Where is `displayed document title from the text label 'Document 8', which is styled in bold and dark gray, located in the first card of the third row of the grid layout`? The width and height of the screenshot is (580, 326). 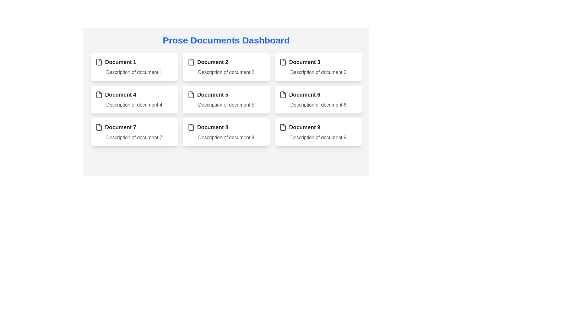
displayed document title from the text label 'Document 8', which is styled in bold and dark gray, located in the first card of the third row of the grid layout is located at coordinates (213, 127).